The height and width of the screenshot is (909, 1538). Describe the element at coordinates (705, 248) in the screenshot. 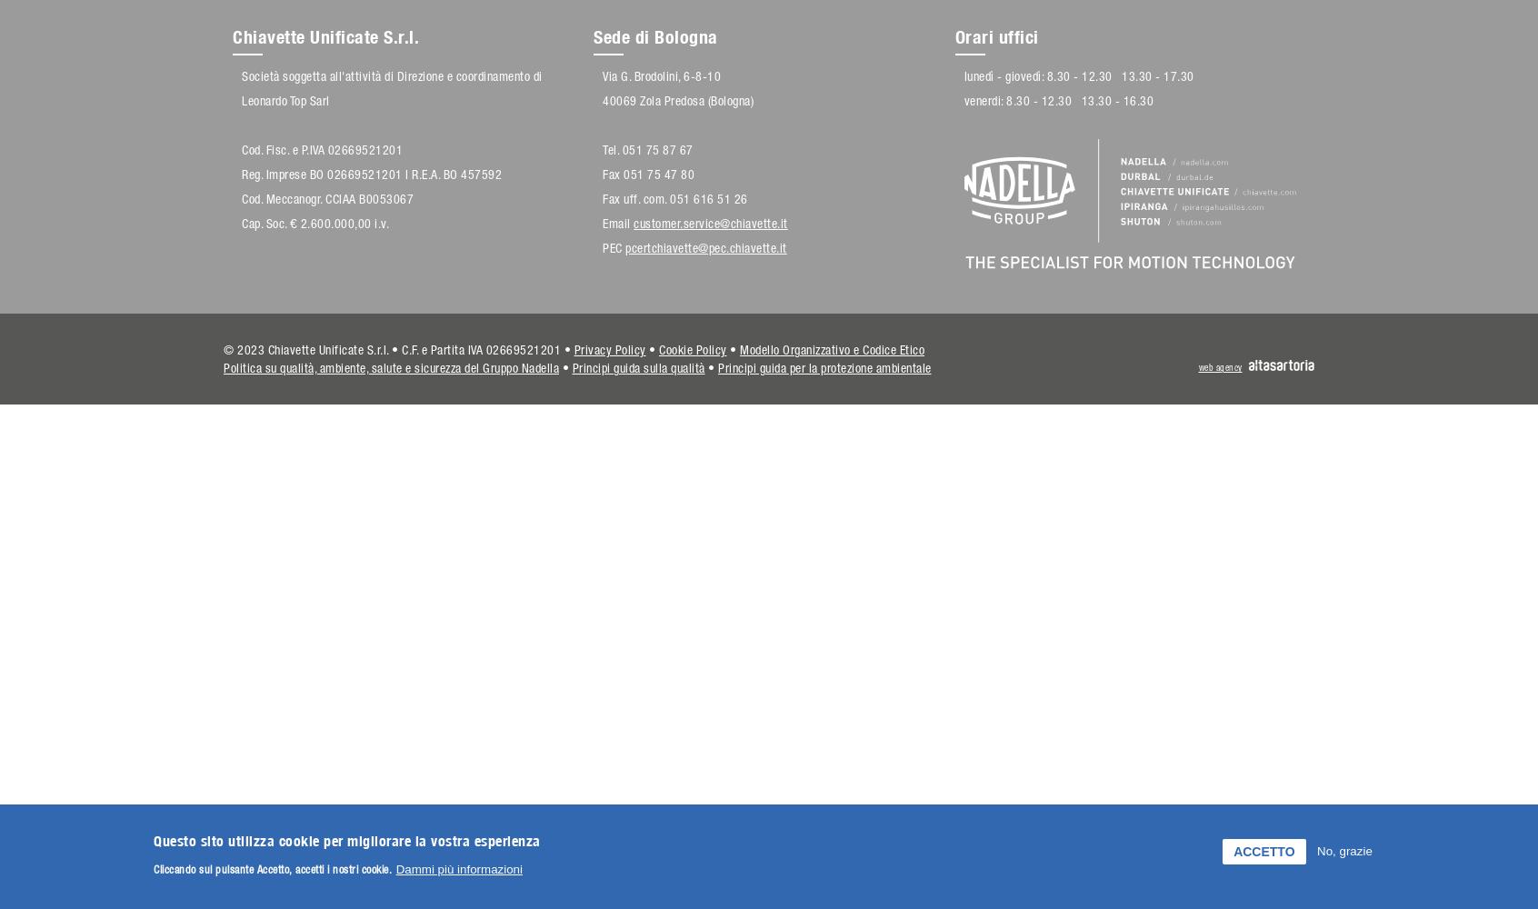

I see `'pcertchiavette@pec.chiavette.it'` at that location.